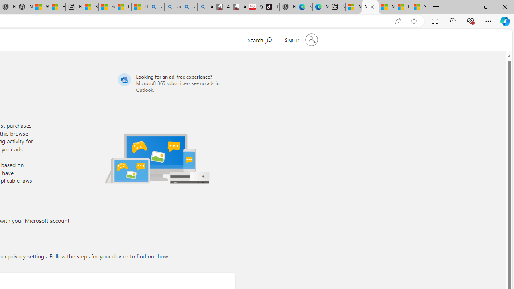  Describe the element at coordinates (57, 7) in the screenshot. I see `'Huge shark washes ashore at New York City beach | Watch'` at that location.